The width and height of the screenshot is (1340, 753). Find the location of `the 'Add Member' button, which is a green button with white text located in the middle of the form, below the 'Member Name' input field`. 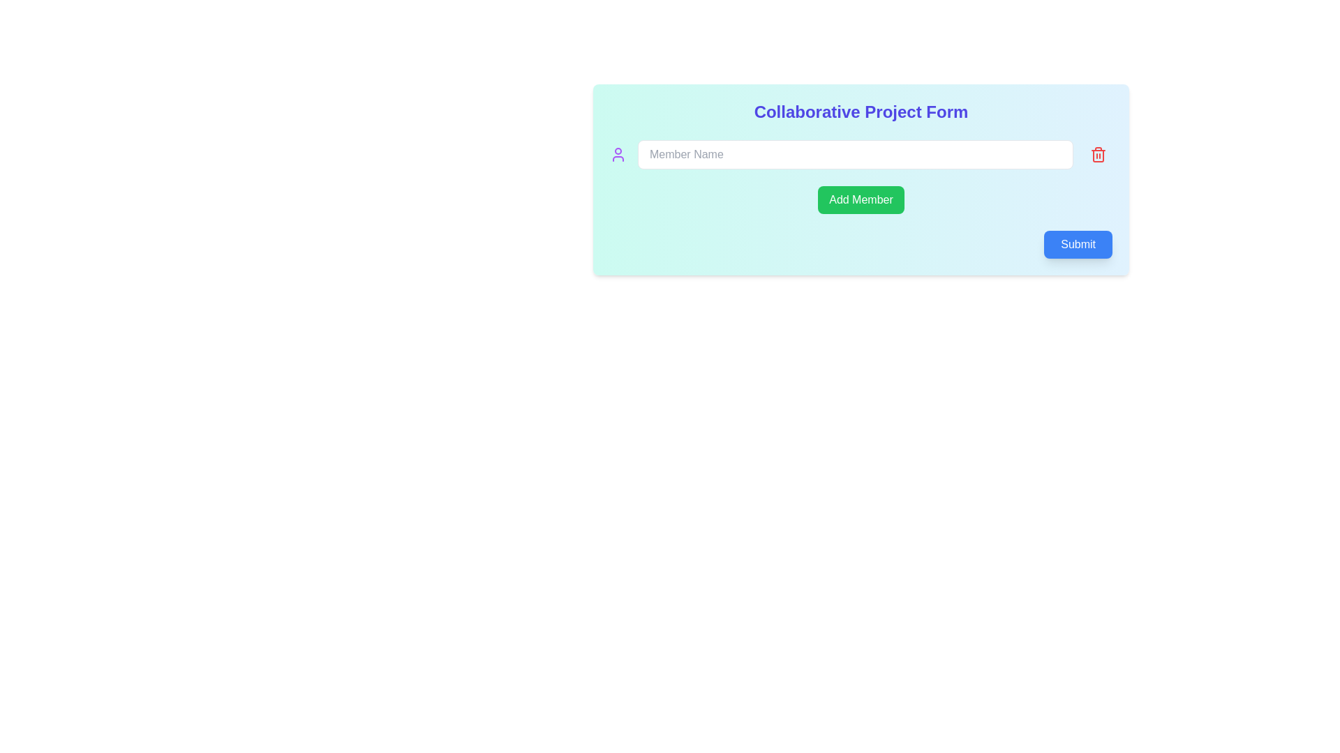

the 'Add Member' button, which is a green button with white text located in the middle of the form, below the 'Member Name' input field is located at coordinates (860, 199).